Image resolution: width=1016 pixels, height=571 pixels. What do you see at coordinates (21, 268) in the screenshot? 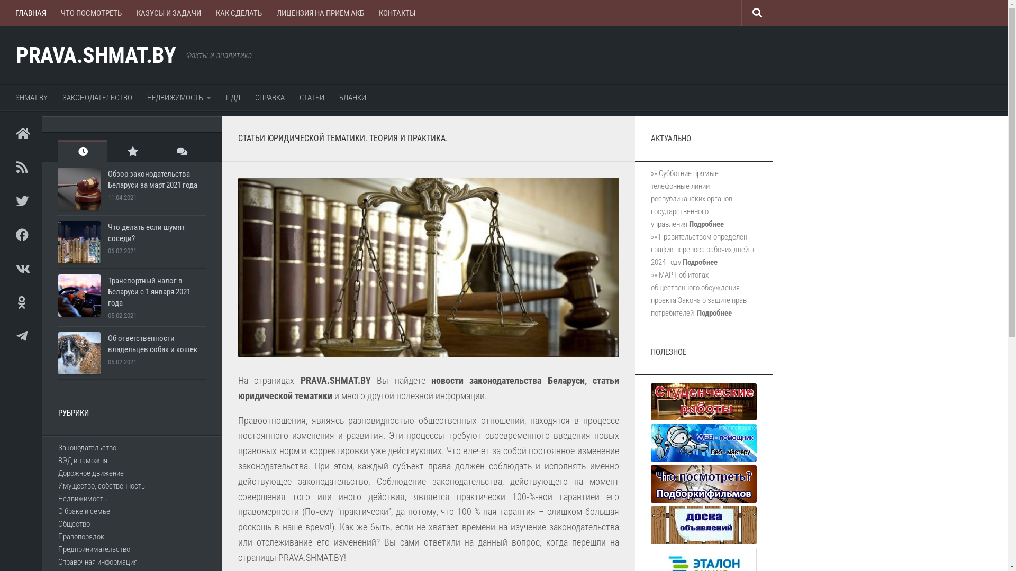
I see `'VK'` at bounding box center [21, 268].